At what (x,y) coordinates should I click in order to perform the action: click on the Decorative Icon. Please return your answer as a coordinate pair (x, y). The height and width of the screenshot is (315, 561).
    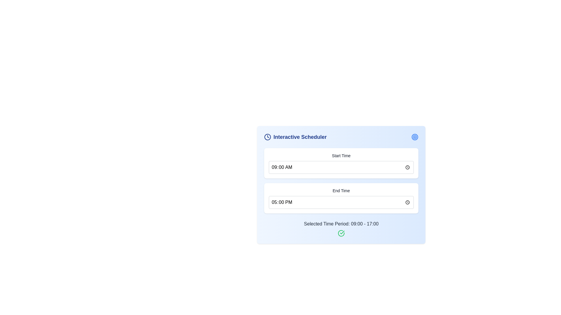
    Looking at the image, I should click on (342, 232).